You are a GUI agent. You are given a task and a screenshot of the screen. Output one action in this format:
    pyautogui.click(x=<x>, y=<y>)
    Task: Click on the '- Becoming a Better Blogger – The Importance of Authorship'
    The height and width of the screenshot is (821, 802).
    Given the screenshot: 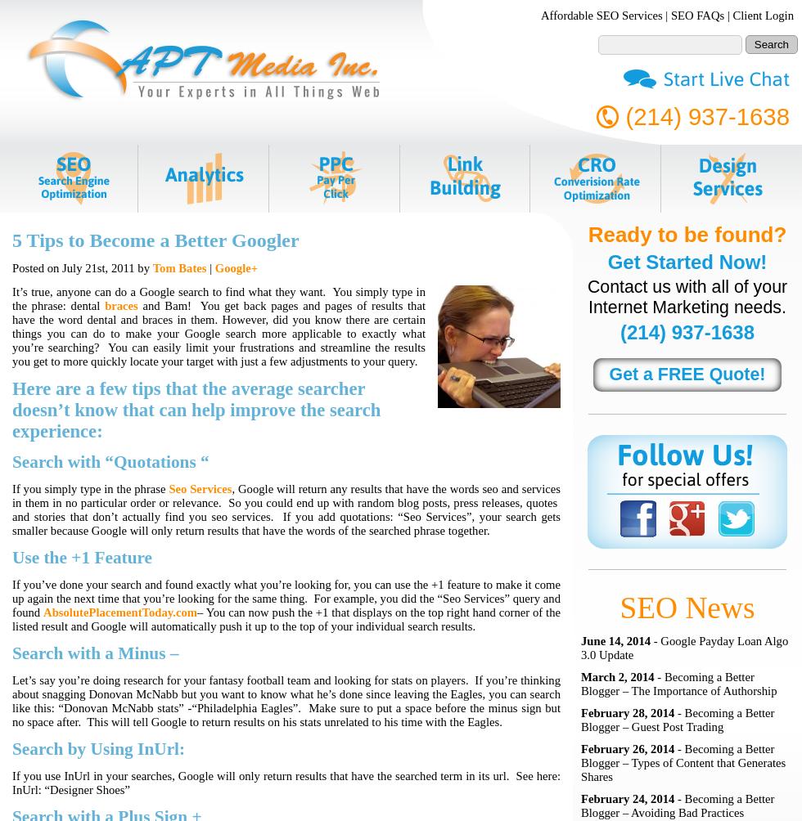 What is the action you would take?
    pyautogui.click(x=678, y=684)
    